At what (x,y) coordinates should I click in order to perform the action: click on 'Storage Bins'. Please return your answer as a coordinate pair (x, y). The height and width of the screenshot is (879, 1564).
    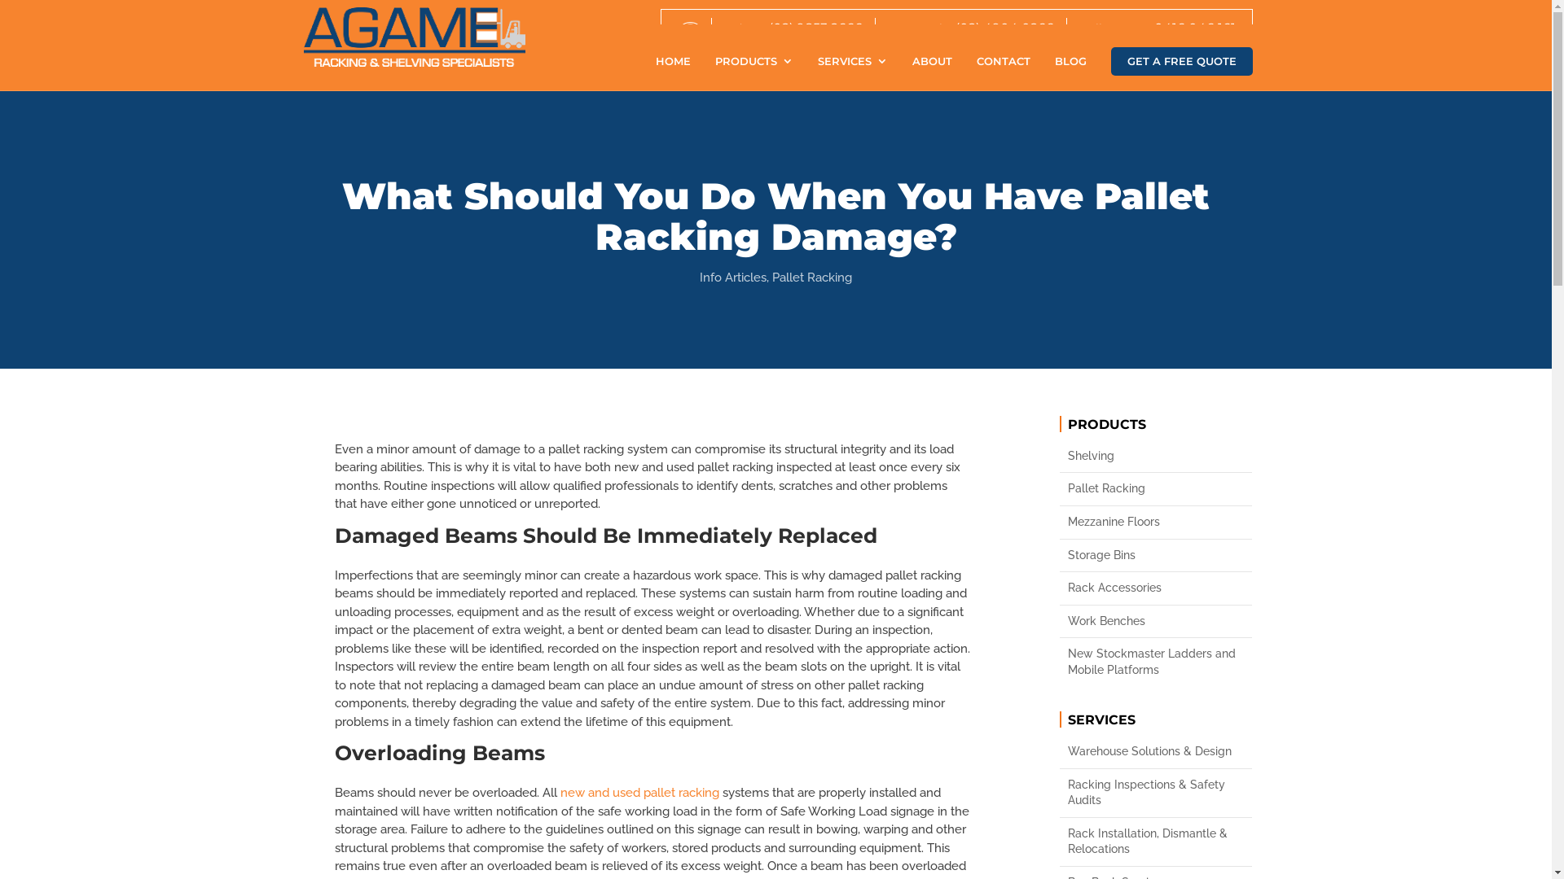
    Looking at the image, I should click on (1155, 554).